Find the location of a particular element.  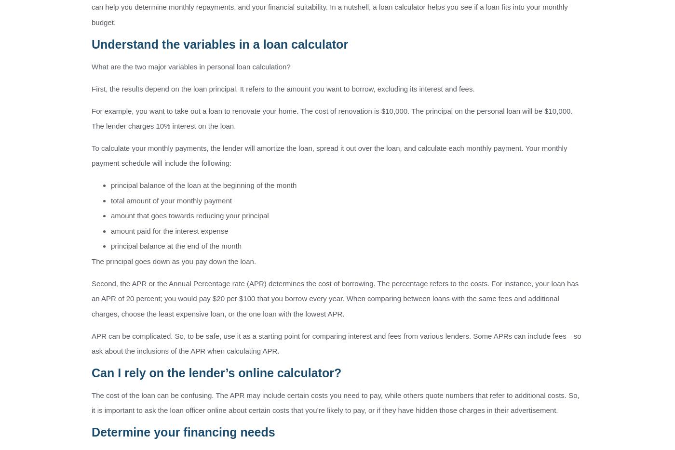

'amount that goes towards reducing your principal' is located at coordinates (111, 215).